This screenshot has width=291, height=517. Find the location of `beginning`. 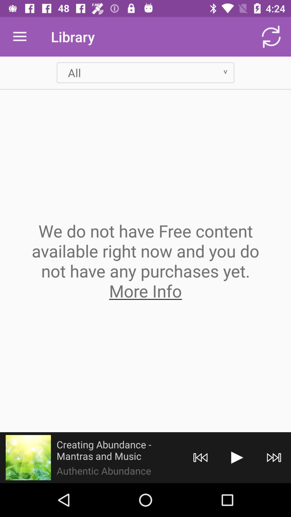

beginning is located at coordinates (200, 457).